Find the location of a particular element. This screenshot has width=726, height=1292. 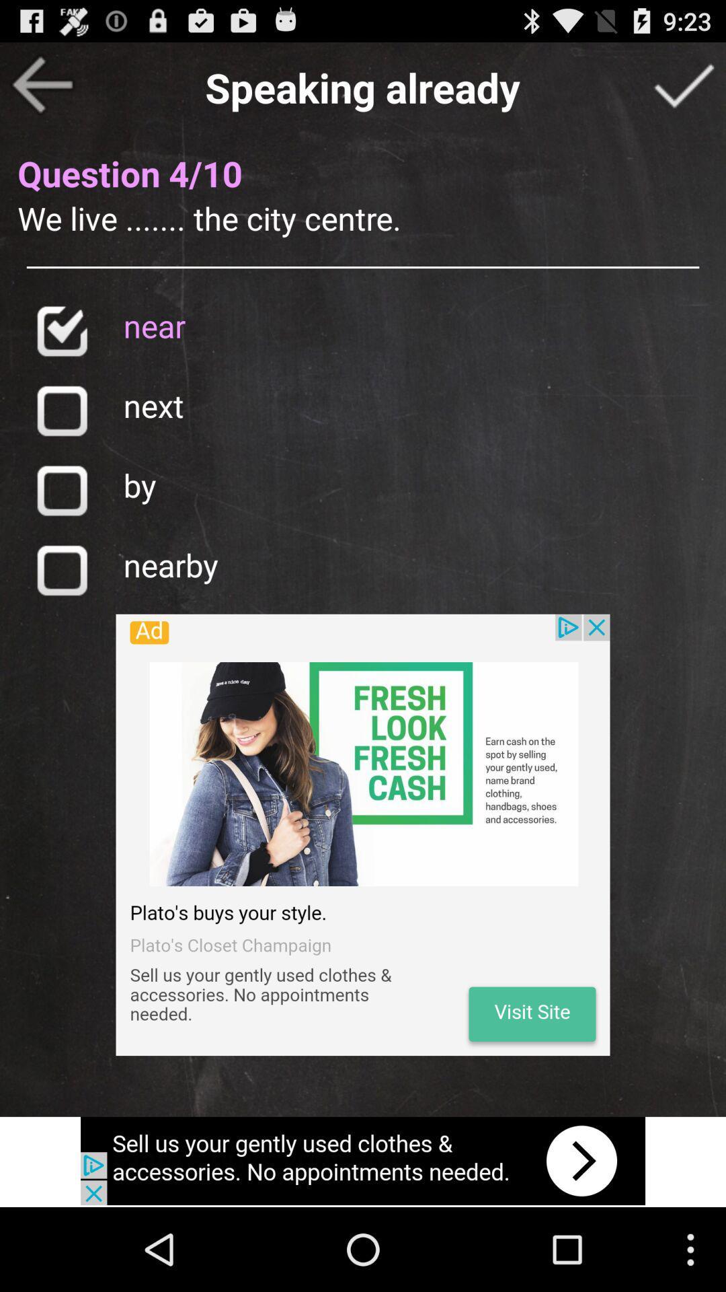

the arrow_backward icon is located at coordinates (41, 89).